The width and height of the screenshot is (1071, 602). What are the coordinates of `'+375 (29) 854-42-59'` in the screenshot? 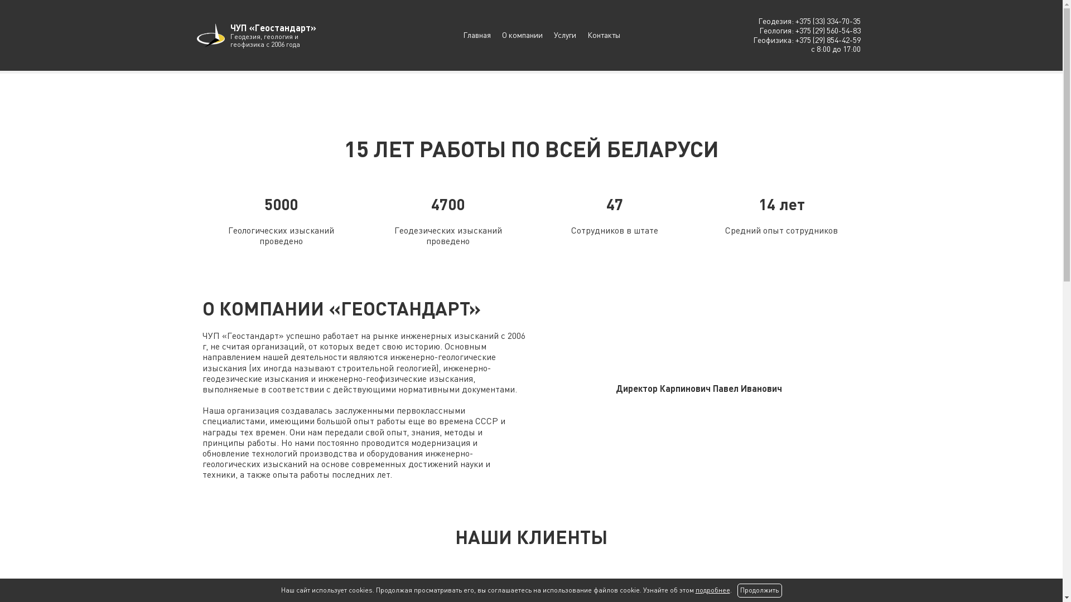 It's located at (828, 39).